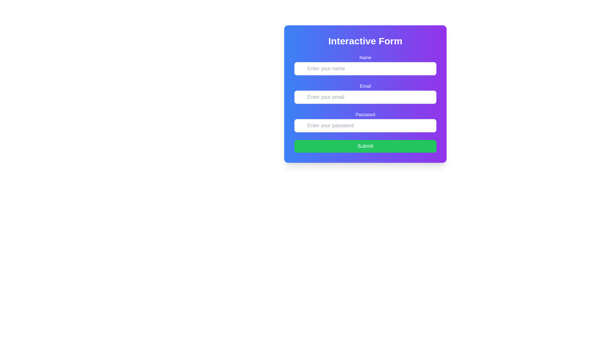 The width and height of the screenshot is (609, 342). I want to click on the 'Email' text input field, so click(365, 93).